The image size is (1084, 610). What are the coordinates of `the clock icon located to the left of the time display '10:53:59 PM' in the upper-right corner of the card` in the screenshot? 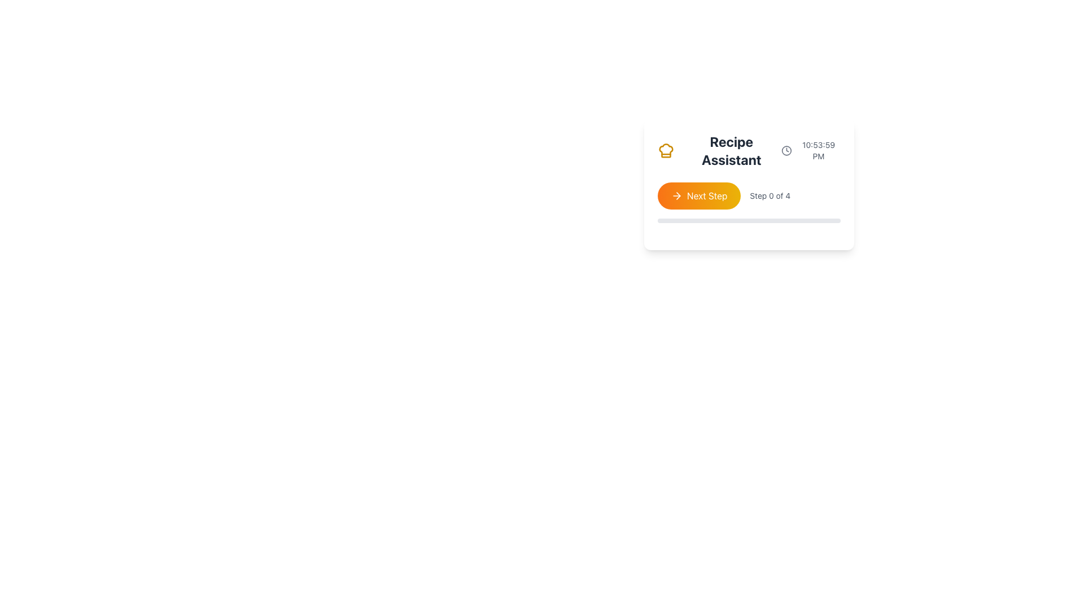 It's located at (786, 150).